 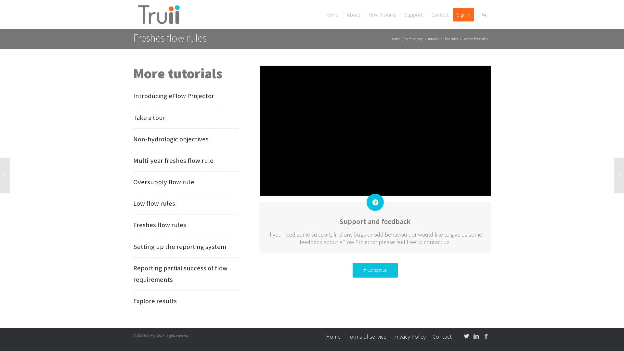 I want to click on 'Setting up the reporting system', so click(x=179, y=247).